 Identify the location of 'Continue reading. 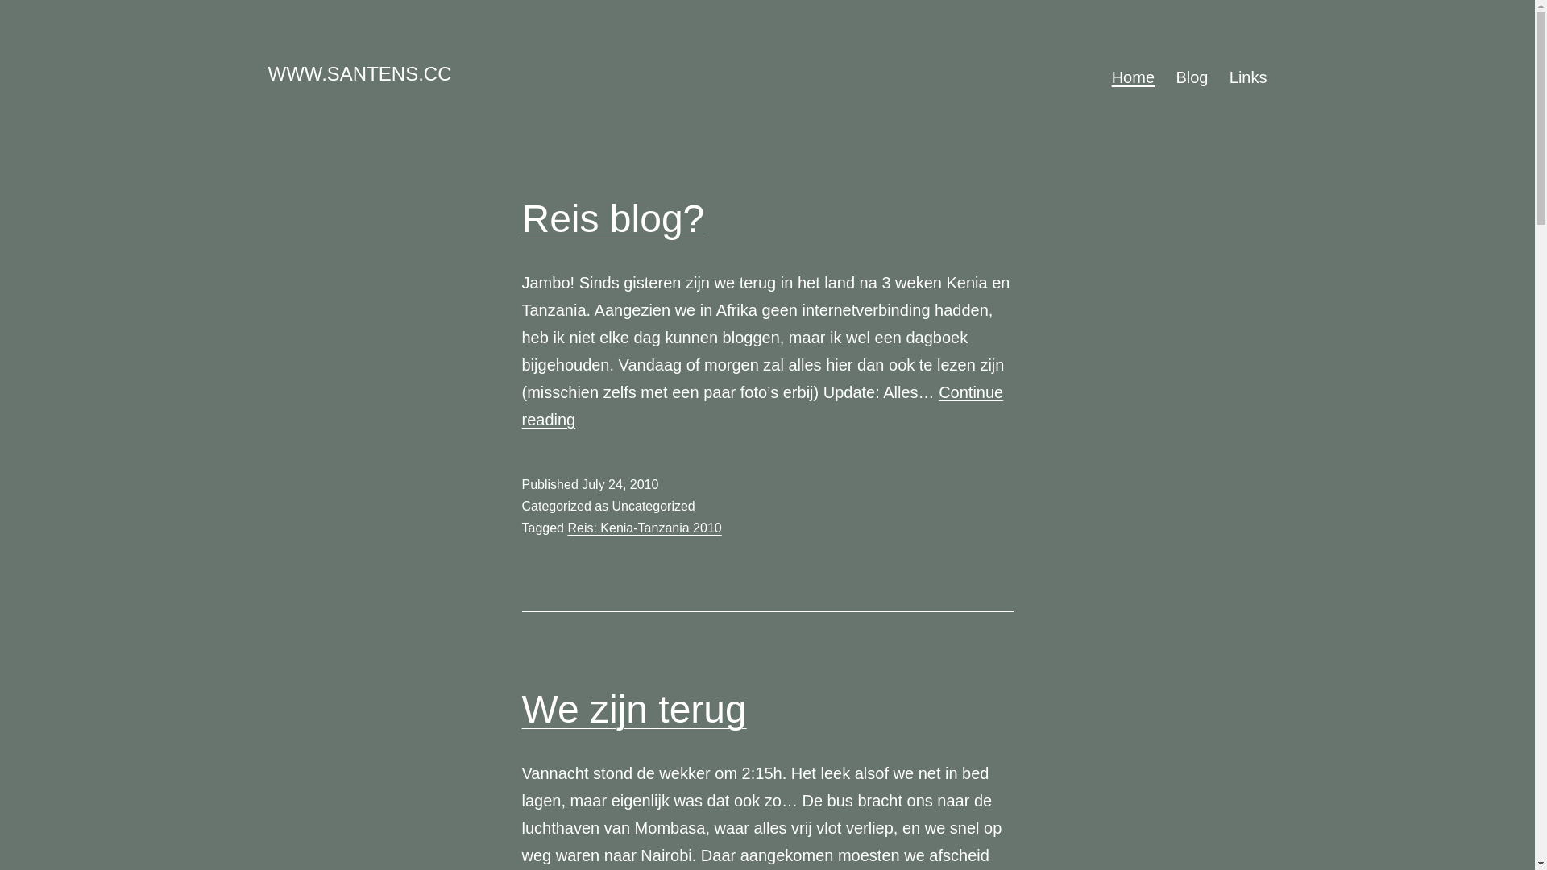
(761, 405).